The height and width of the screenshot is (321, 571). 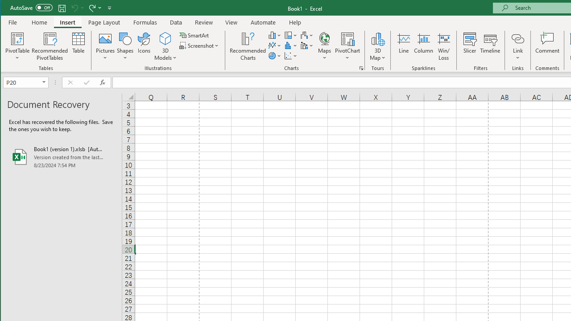 I want to click on 'Insert Pie or Doughnut Chart', so click(x=274, y=56).